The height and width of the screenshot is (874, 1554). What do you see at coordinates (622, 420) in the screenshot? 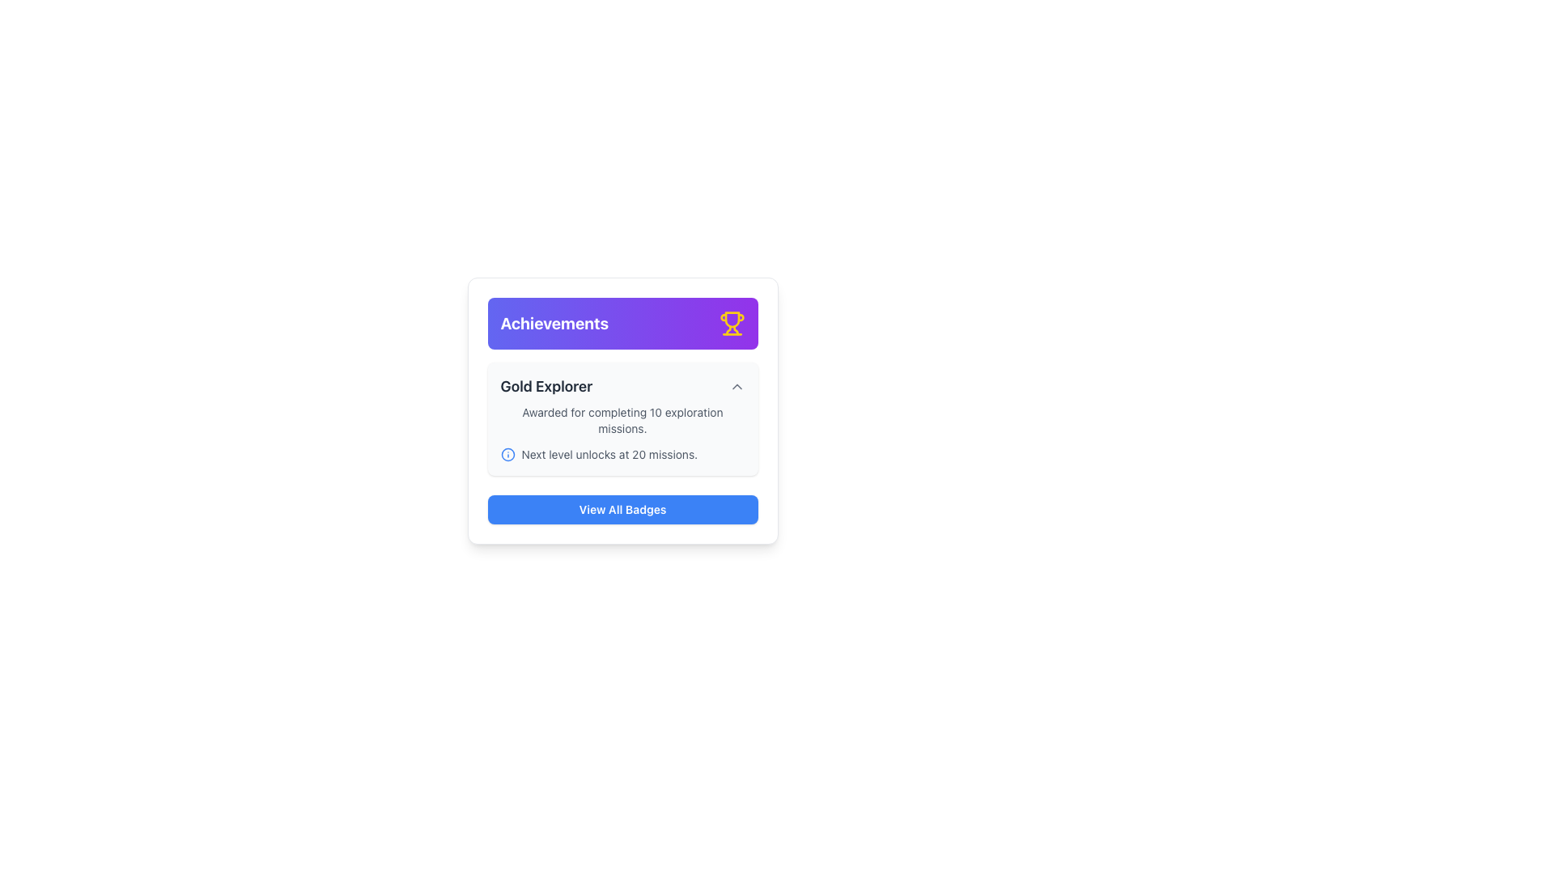
I see `the text label that reads 'Awarded for completing 10 exploration missions.' located directly below the 'Gold Explorer' header in the achievements card` at bounding box center [622, 420].